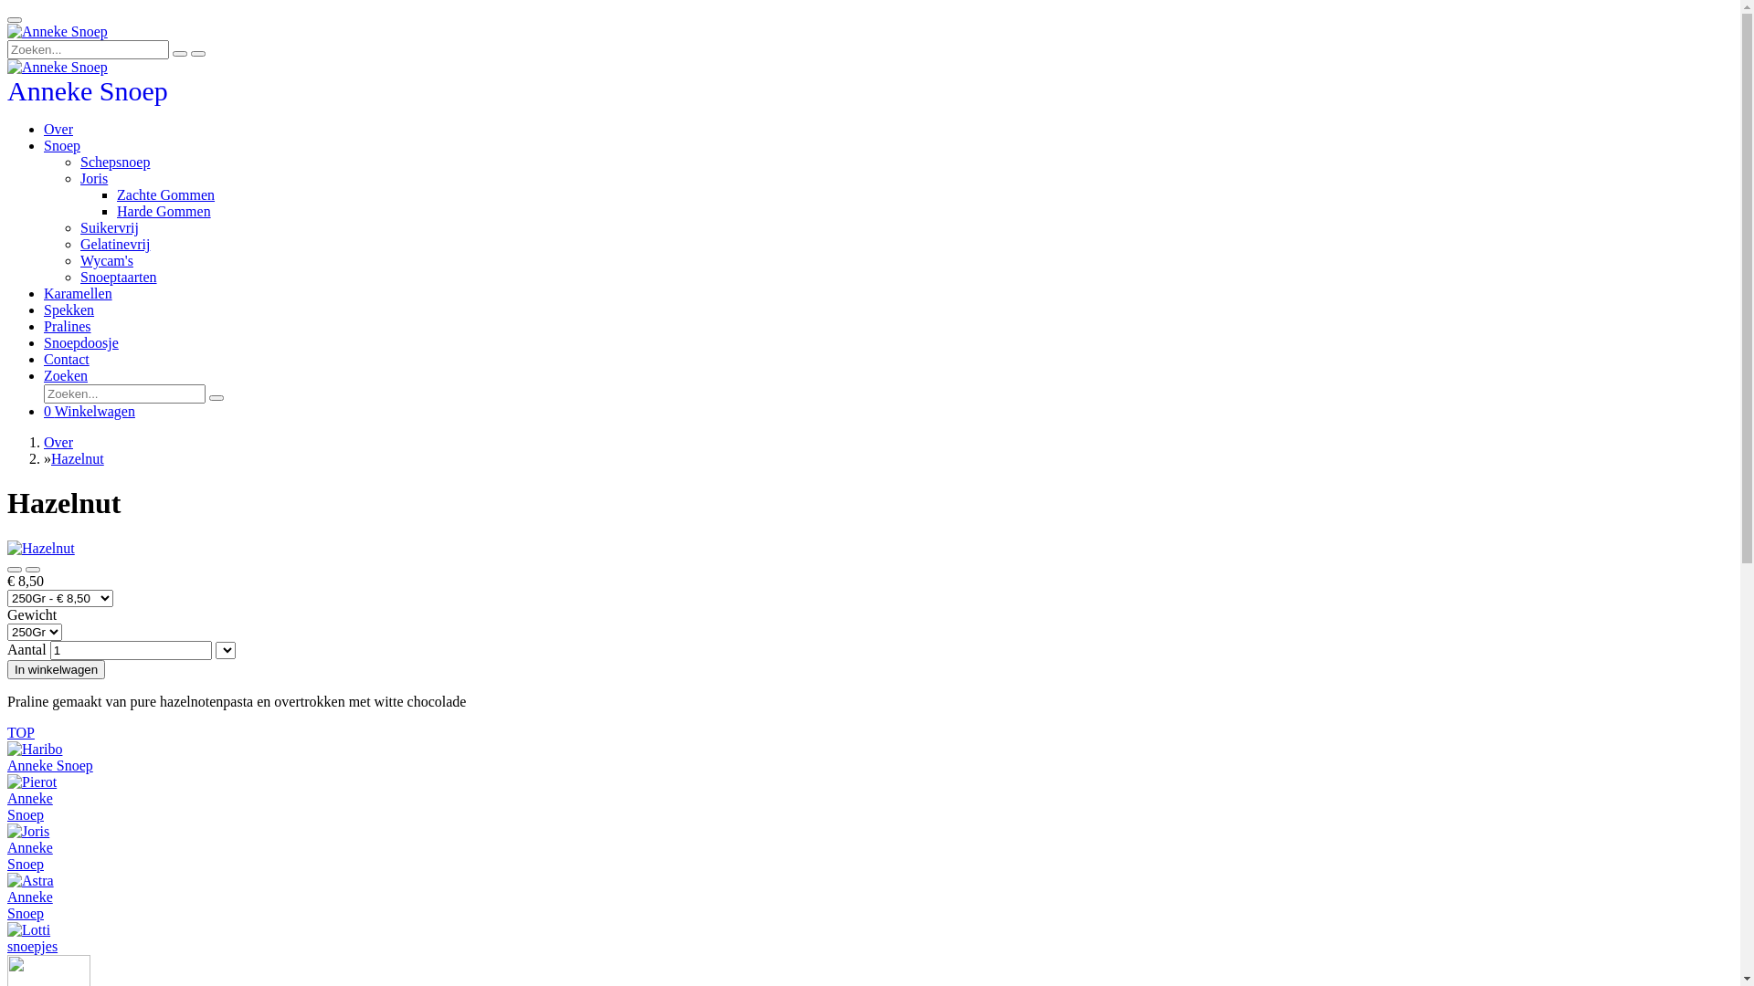  Describe the element at coordinates (113, 243) in the screenshot. I see `'Gelatinevrij'` at that location.